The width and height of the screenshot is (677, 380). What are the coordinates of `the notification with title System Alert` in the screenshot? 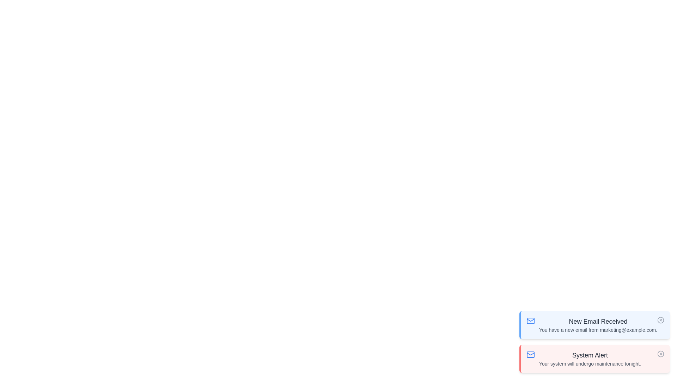 It's located at (594, 359).